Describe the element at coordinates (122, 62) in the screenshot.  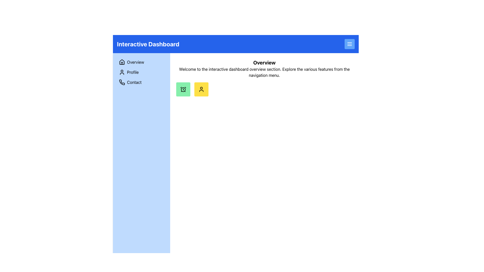
I see `the icon representing the 'Overview' menu item located on the left navigation panel` at that location.